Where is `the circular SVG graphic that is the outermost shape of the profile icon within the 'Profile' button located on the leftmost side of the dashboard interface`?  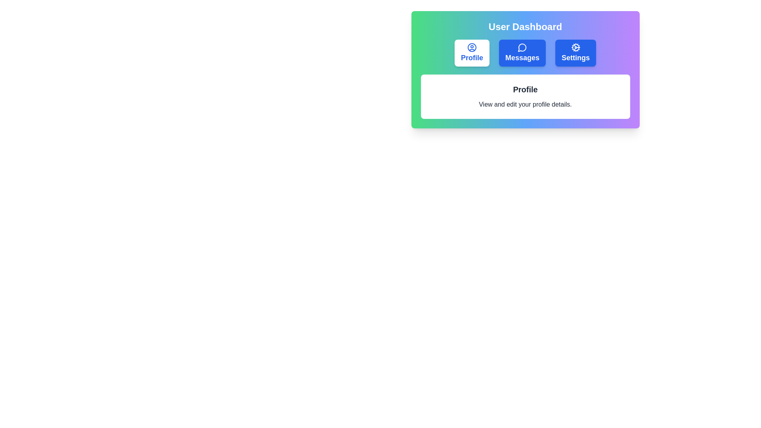
the circular SVG graphic that is the outermost shape of the profile icon within the 'Profile' button located on the leftmost side of the dashboard interface is located at coordinates (472, 47).